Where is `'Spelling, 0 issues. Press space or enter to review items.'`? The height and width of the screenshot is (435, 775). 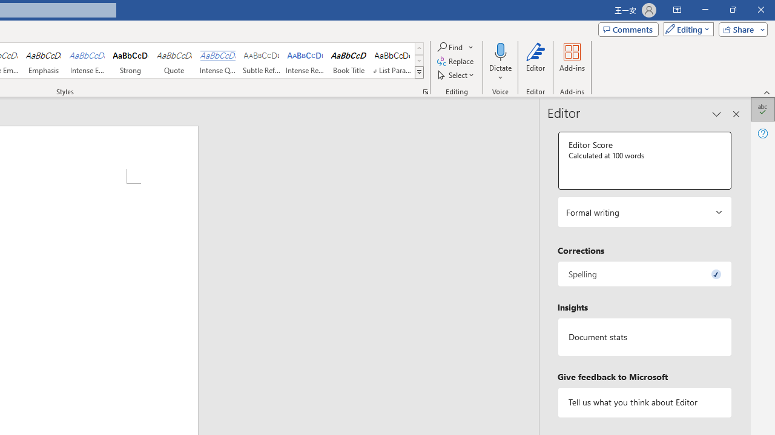 'Spelling, 0 issues. Press space or enter to review items.' is located at coordinates (644, 274).